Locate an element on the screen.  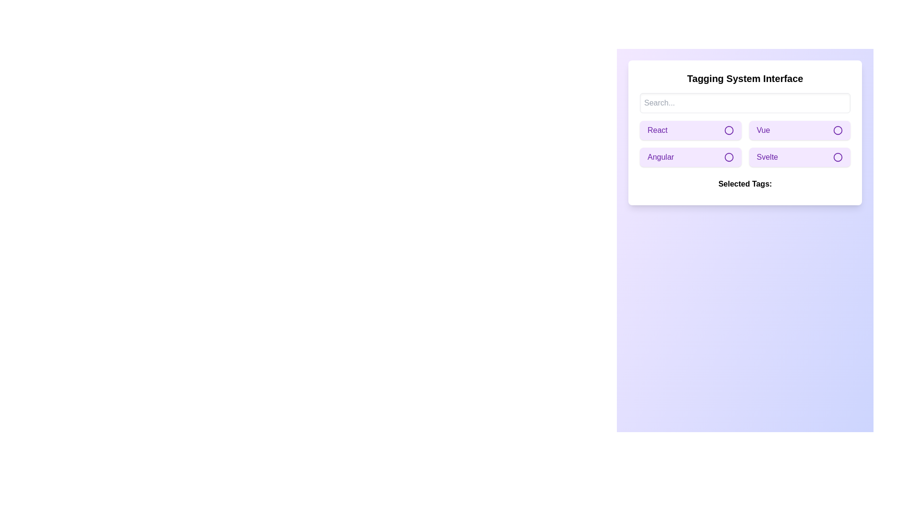
the button labeled 'Svelte' with a purple font and light purple background, located in the lower-right corner of the grid layout is located at coordinates (800, 156).